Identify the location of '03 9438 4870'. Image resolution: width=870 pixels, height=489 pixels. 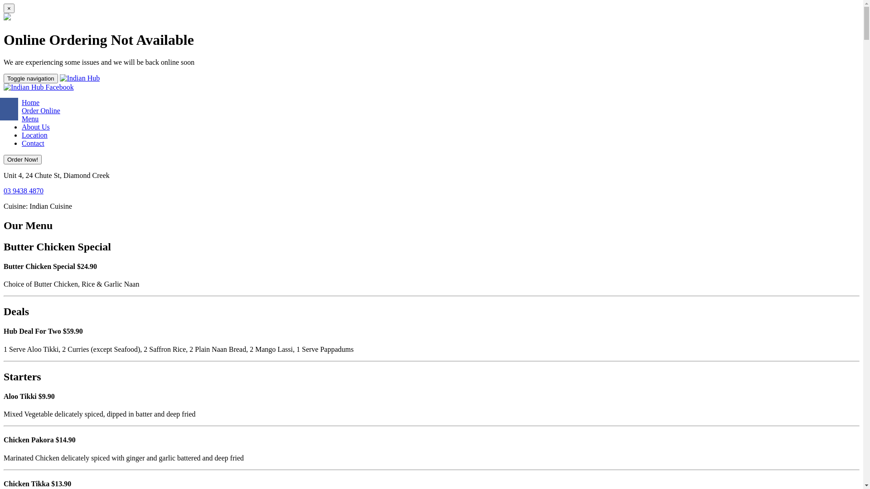
(24, 190).